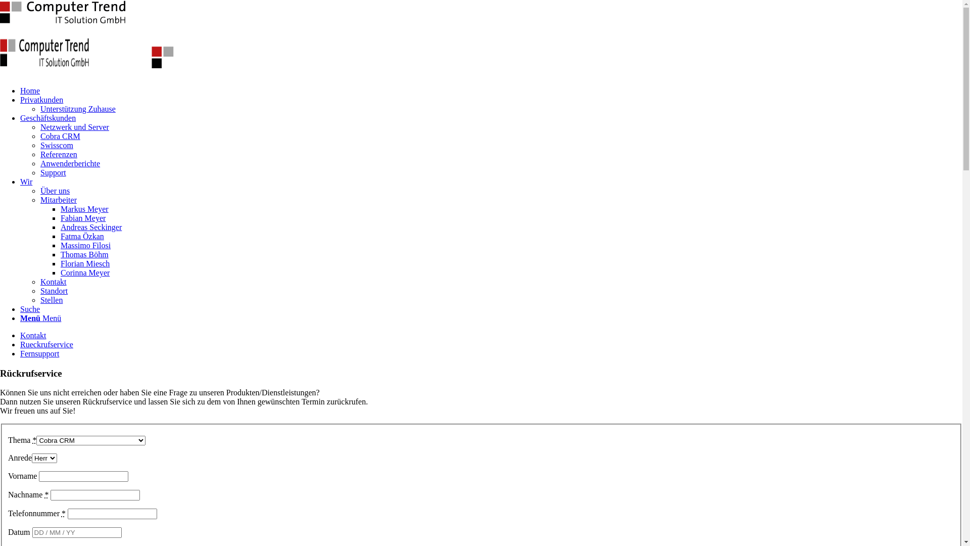 The height and width of the screenshot is (546, 970). What do you see at coordinates (70, 163) in the screenshot?
I see `'Anwenderberichte'` at bounding box center [70, 163].